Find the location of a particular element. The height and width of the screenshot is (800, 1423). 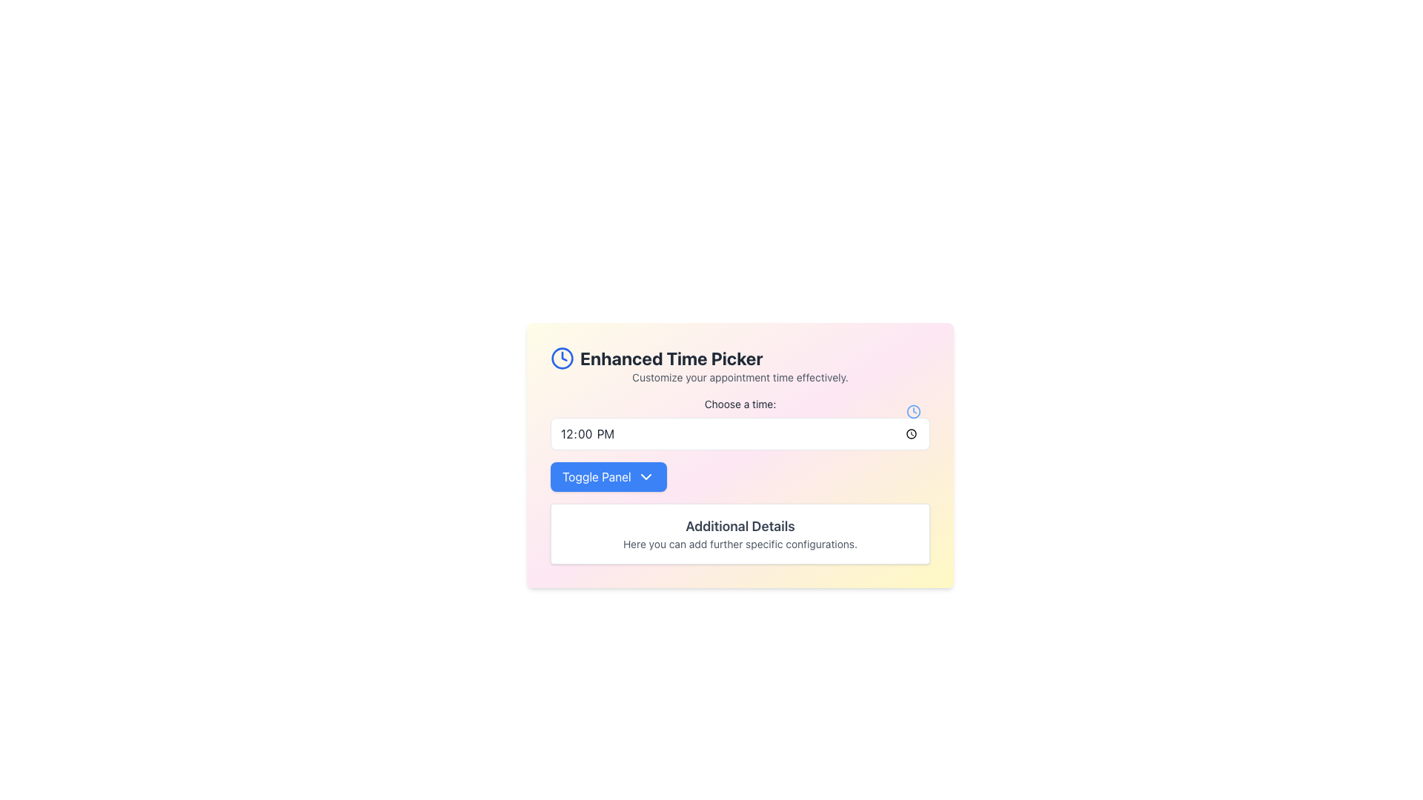

the static descriptive text located below the 'Enhanced Time Picker' header, providing context or guidance related to the time picker is located at coordinates (740, 376).